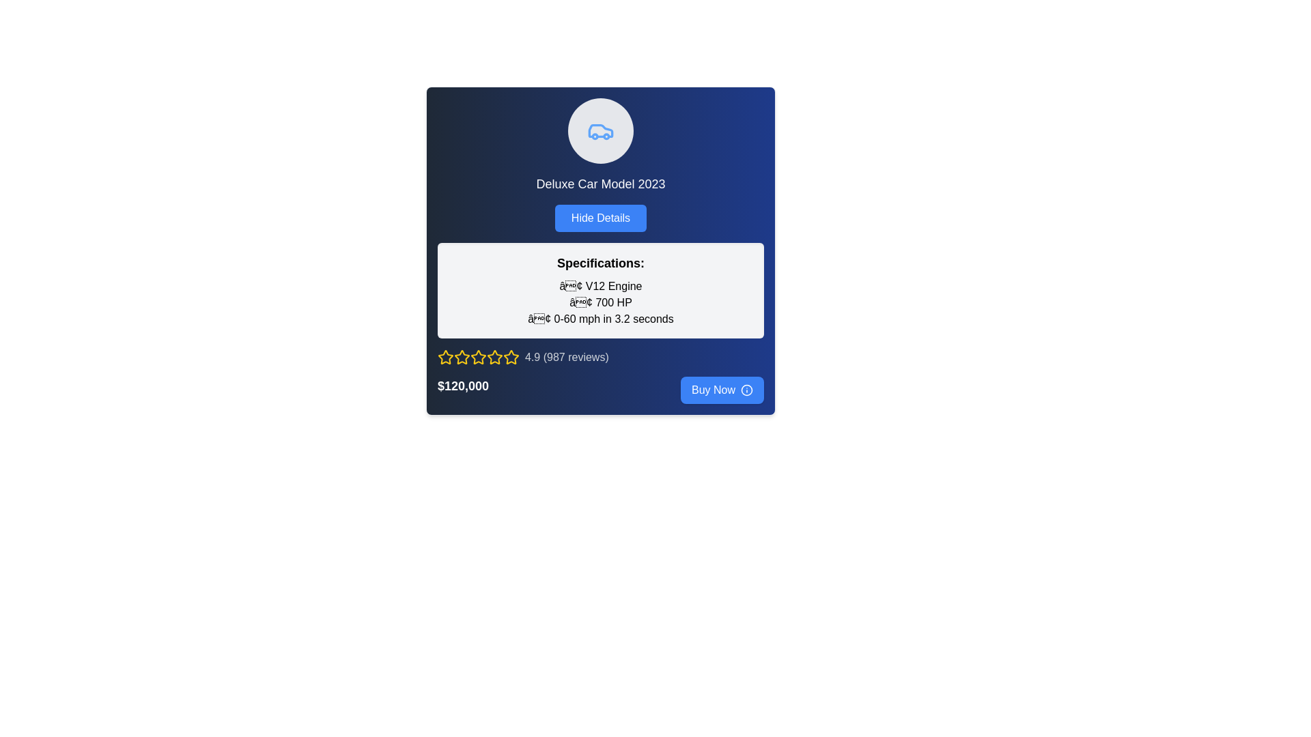 The width and height of the screenshot is (1311, 737). What do you see at coordinates (445, 356) in the screenshot?
I see `the first star icon in the rating display, which has a yellow outline and a dark inner background, located beneath the specifications box of the card` at bounding box center [445, 356].